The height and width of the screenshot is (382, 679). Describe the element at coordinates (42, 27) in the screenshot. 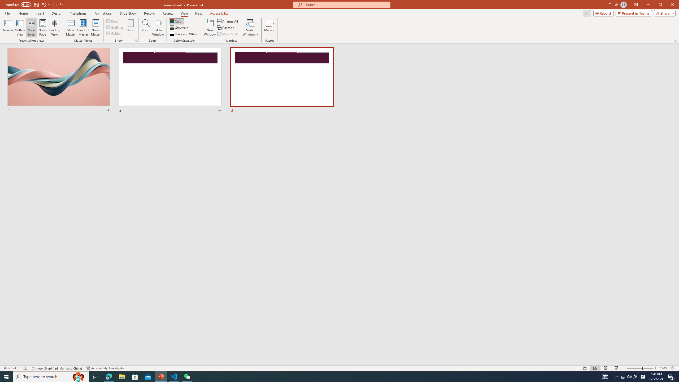

I see `'Notes Page'` at that location.